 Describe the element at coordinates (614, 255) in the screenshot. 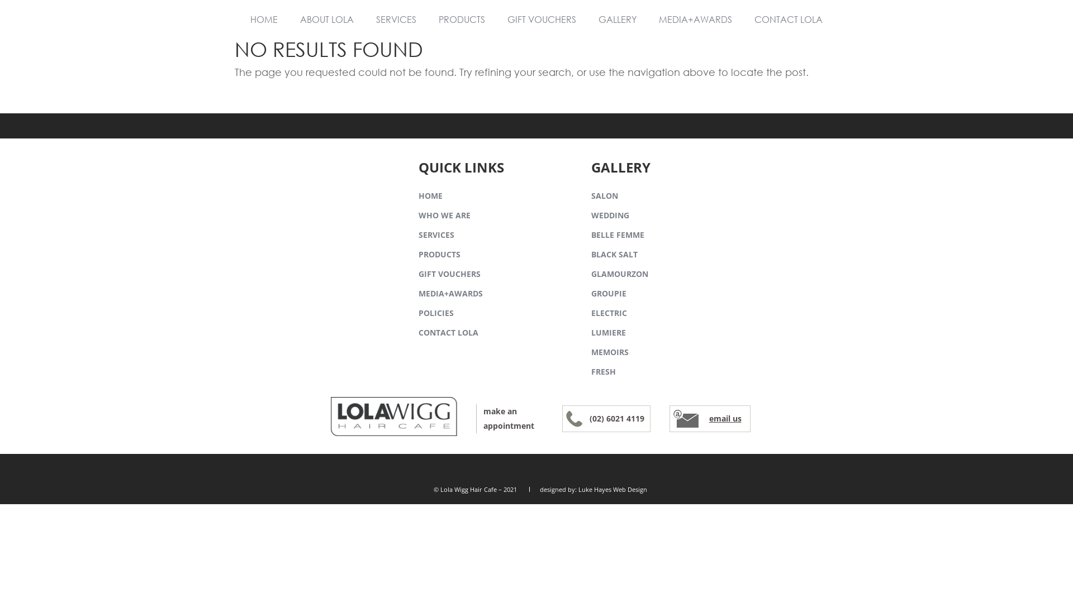

I see `'BLACK SALT'` at that location.